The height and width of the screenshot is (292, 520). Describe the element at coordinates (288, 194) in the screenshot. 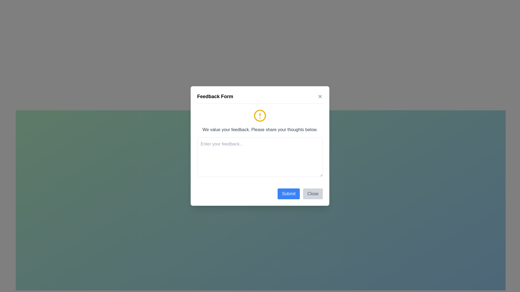

I see `the blue 'Submit' button with white text located at the bottom right of the feedback form` at that location.